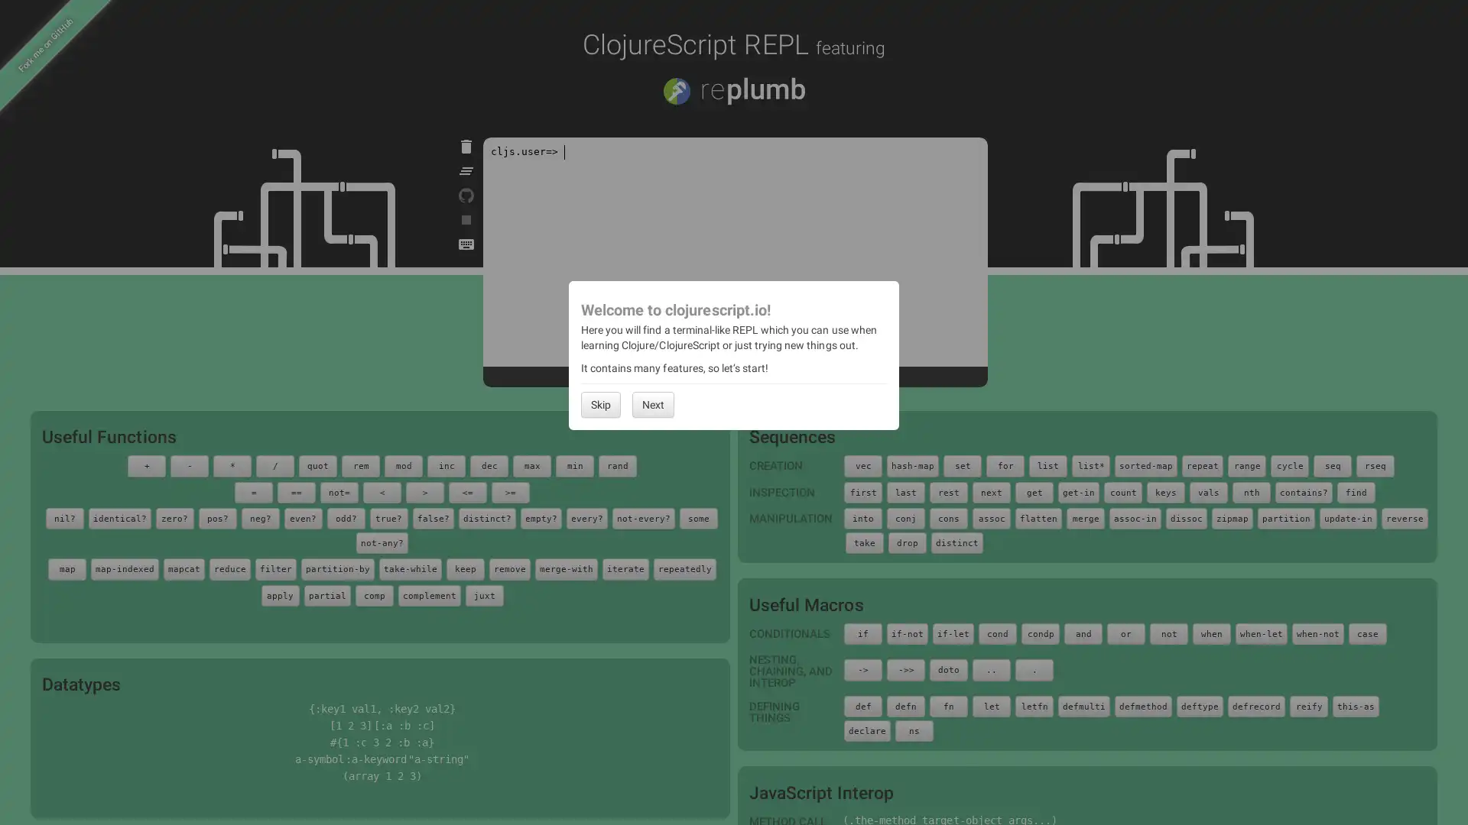 This screenshot has height=825, width=1468. Describe the element at coordinates (865, 542) in the screenshot. I see `take` at that location.